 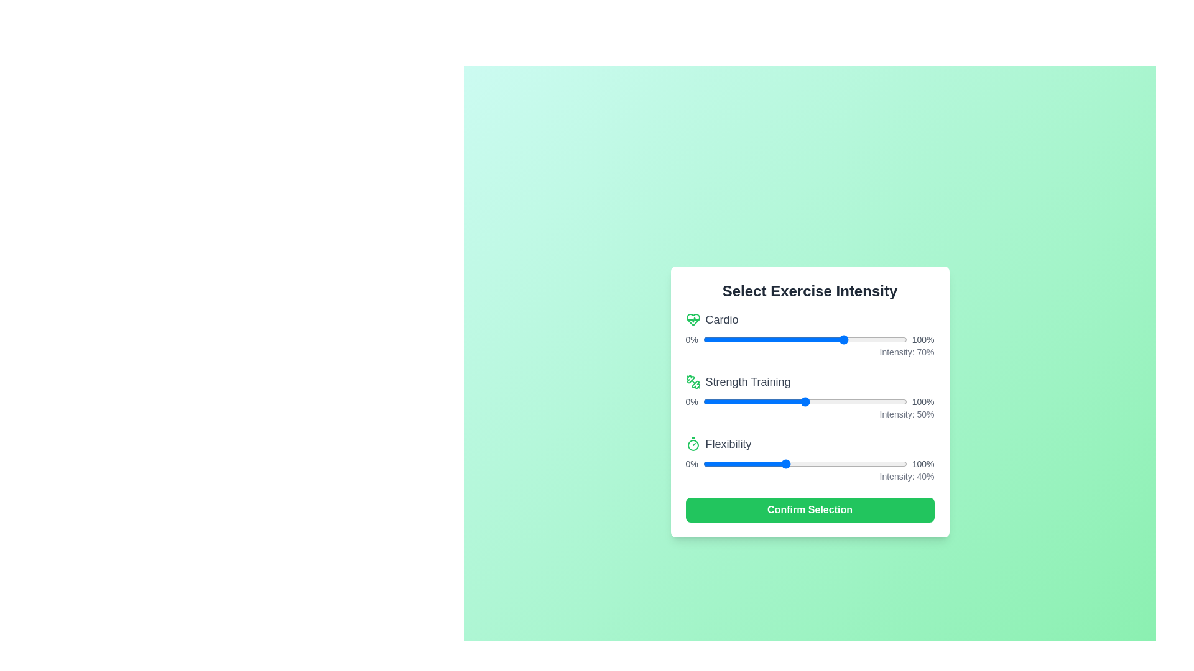 What do you see at coordinates (855, 402) in the screenshot?
I see `the 1 slider to 50%` at bounding box center [855, 402].